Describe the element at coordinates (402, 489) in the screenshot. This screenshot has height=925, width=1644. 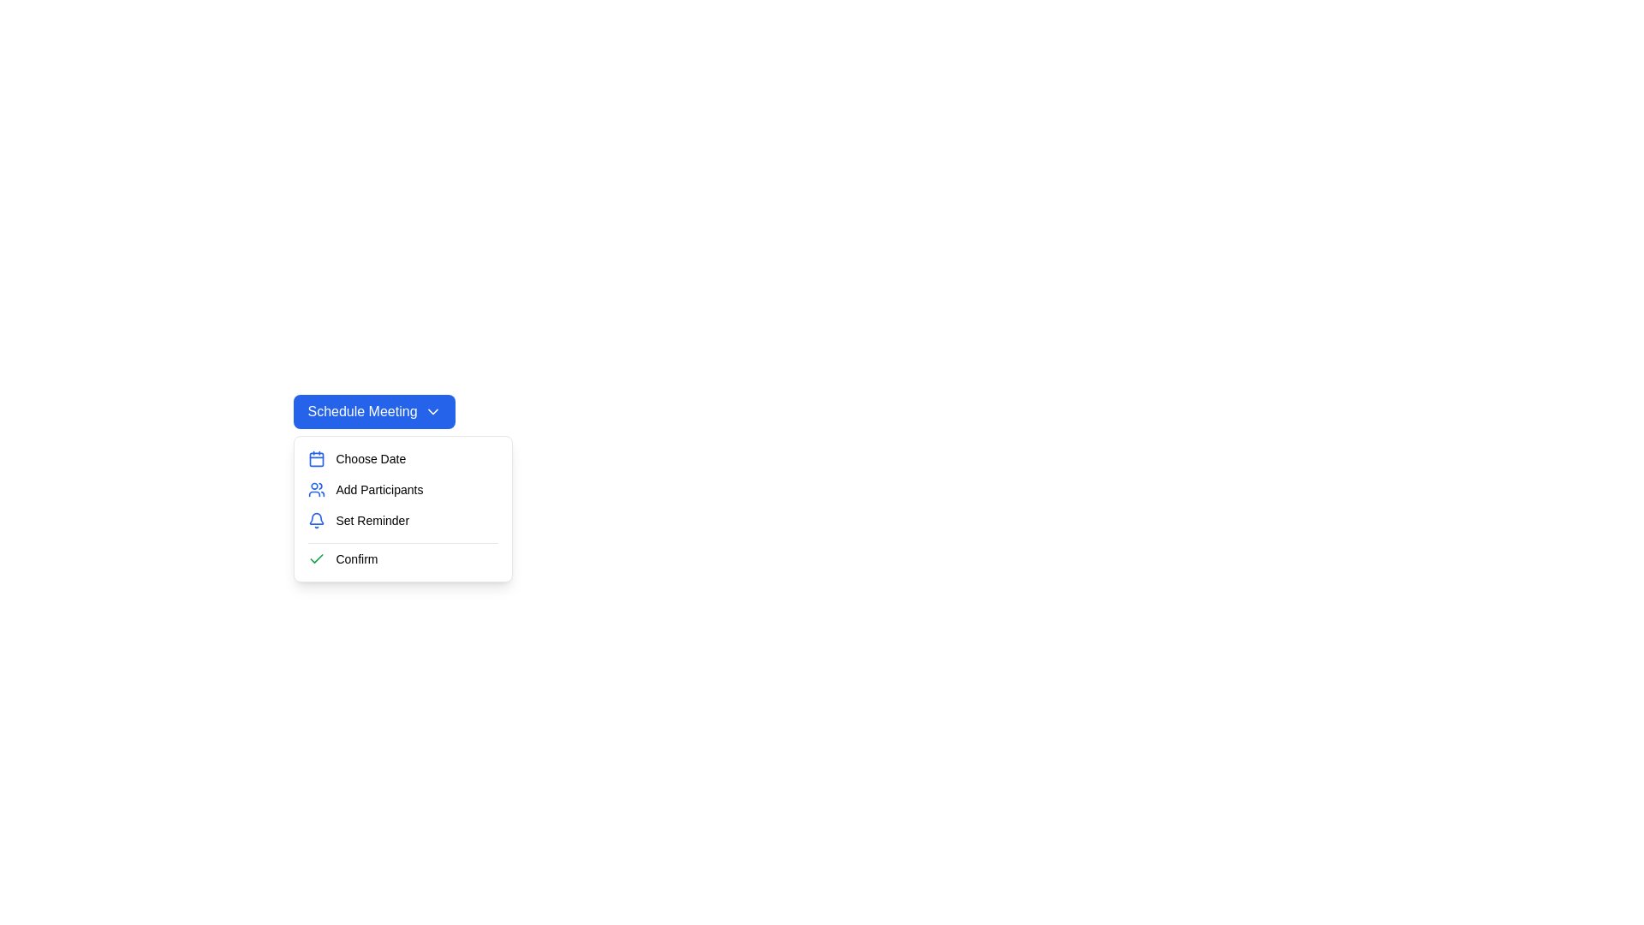
I see `the 'Add Participants' menu item, which features a blue icon of users and is located` at that location.